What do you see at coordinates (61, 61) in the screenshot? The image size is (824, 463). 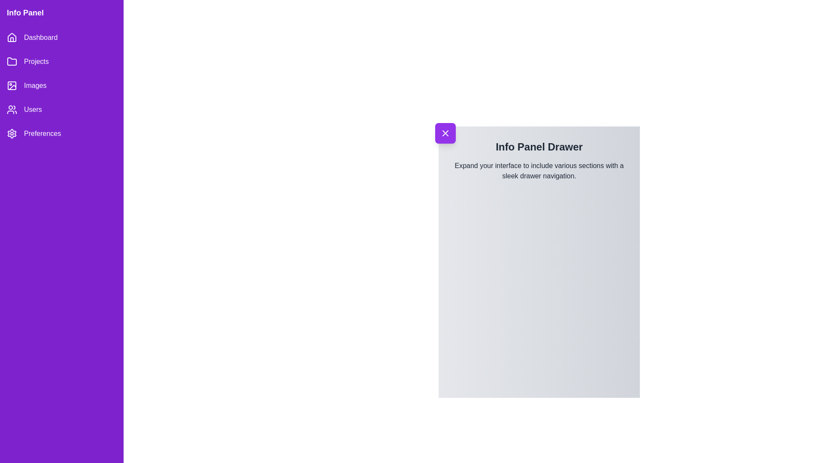 I see `the menu item Projects to navigate` at bounding box center [61, 61].